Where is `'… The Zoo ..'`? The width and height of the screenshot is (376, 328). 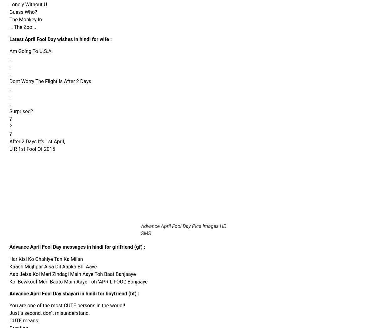 '… The Zoo ..' is located at coordinates (23, 27).